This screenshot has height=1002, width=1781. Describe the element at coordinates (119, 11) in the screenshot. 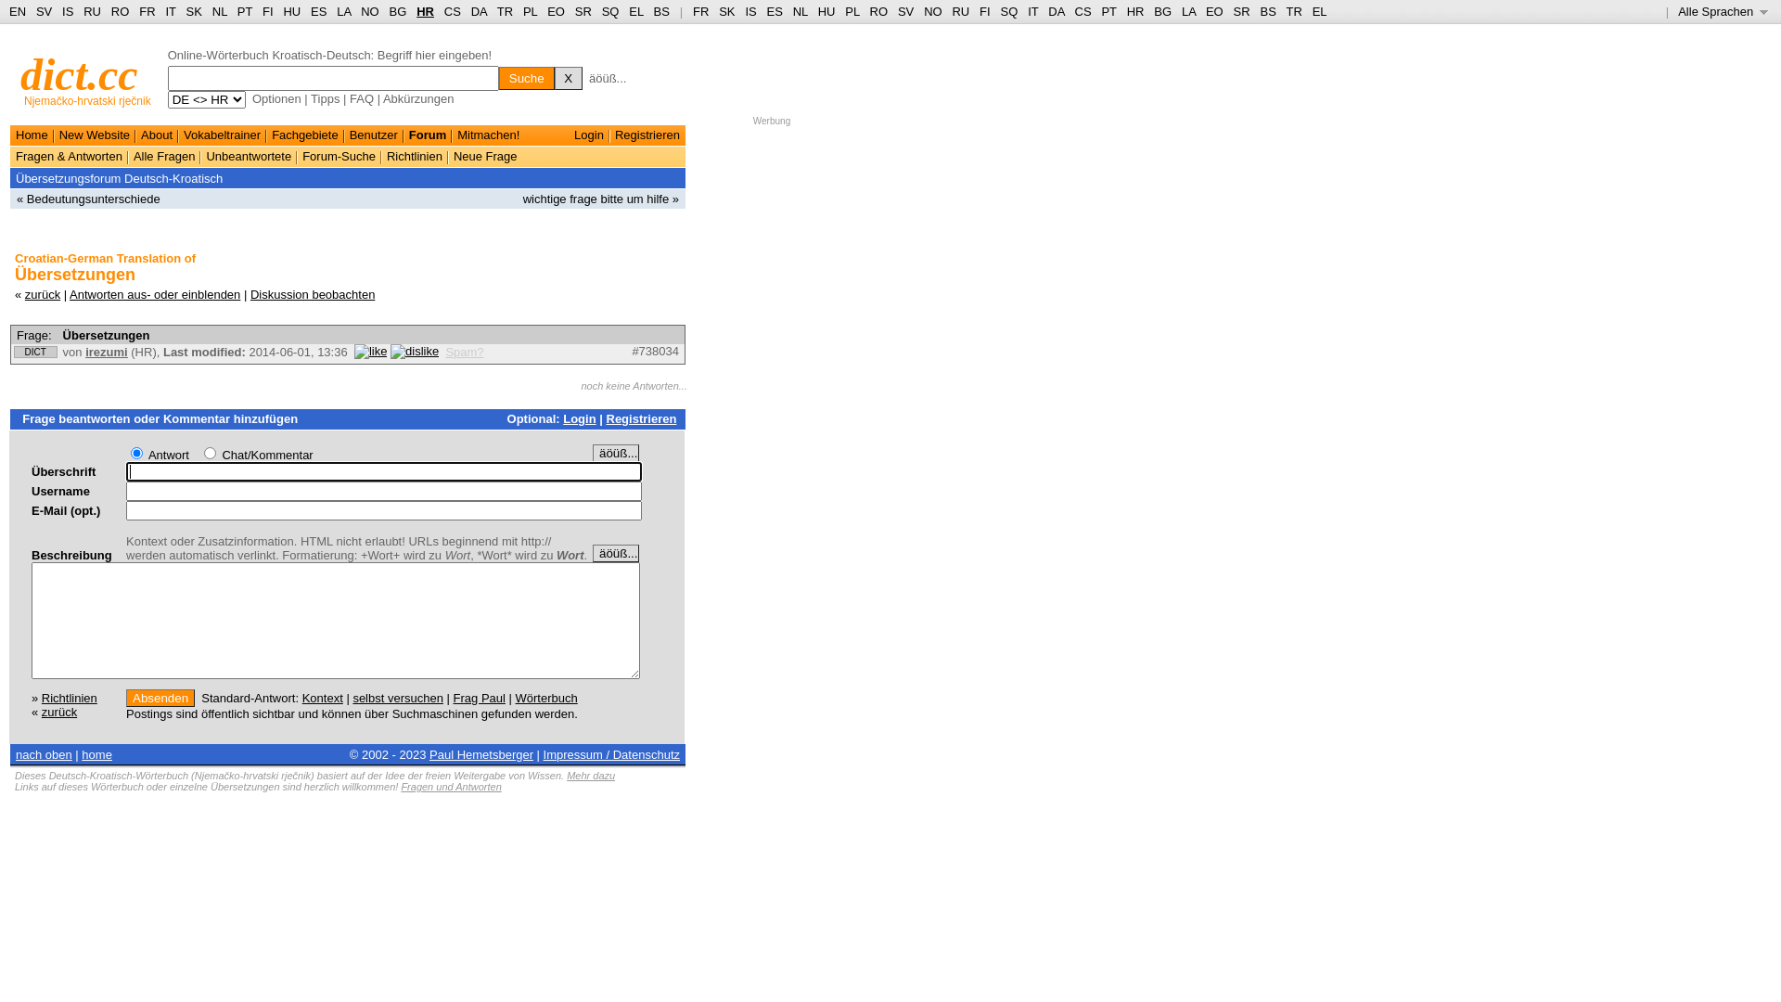

I see `'RO'` at that location.